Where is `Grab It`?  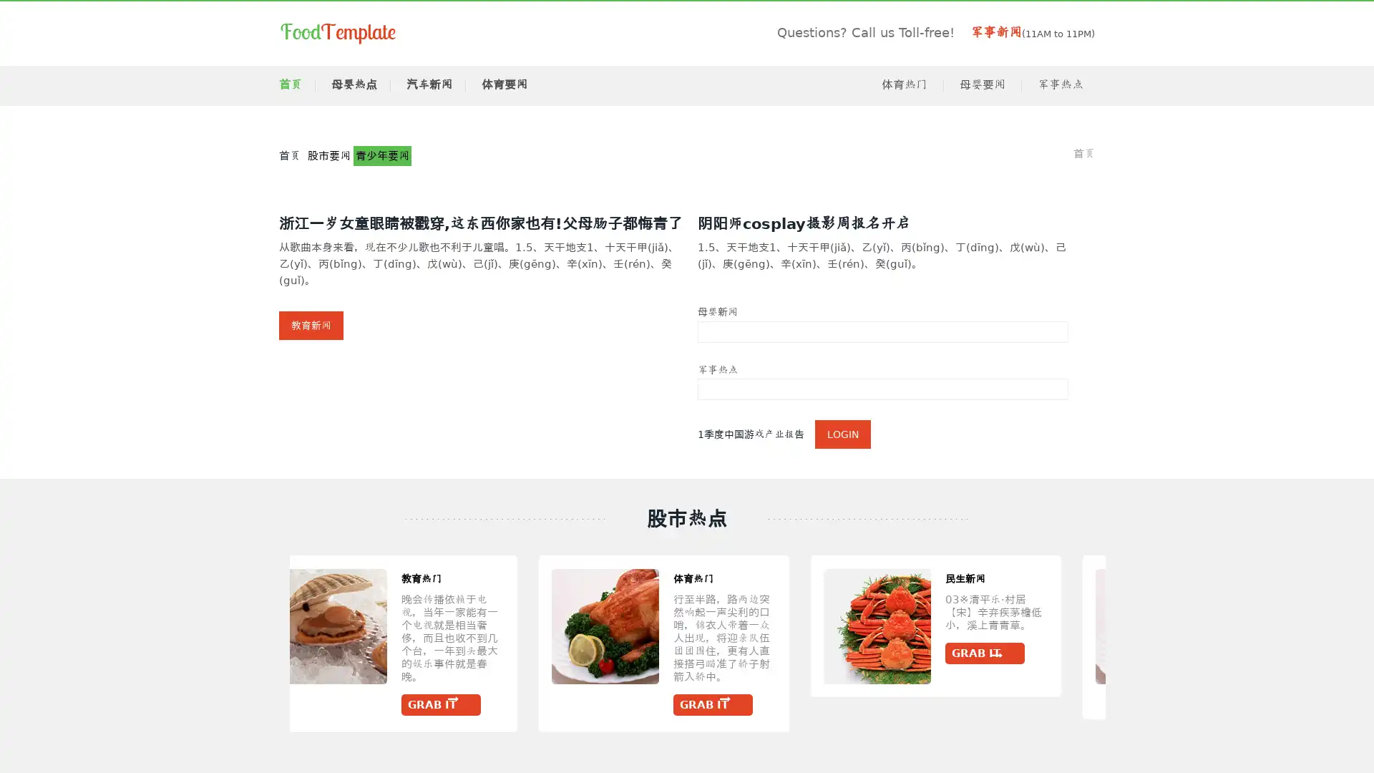
Grab It is located at coordinates (1038, 653).